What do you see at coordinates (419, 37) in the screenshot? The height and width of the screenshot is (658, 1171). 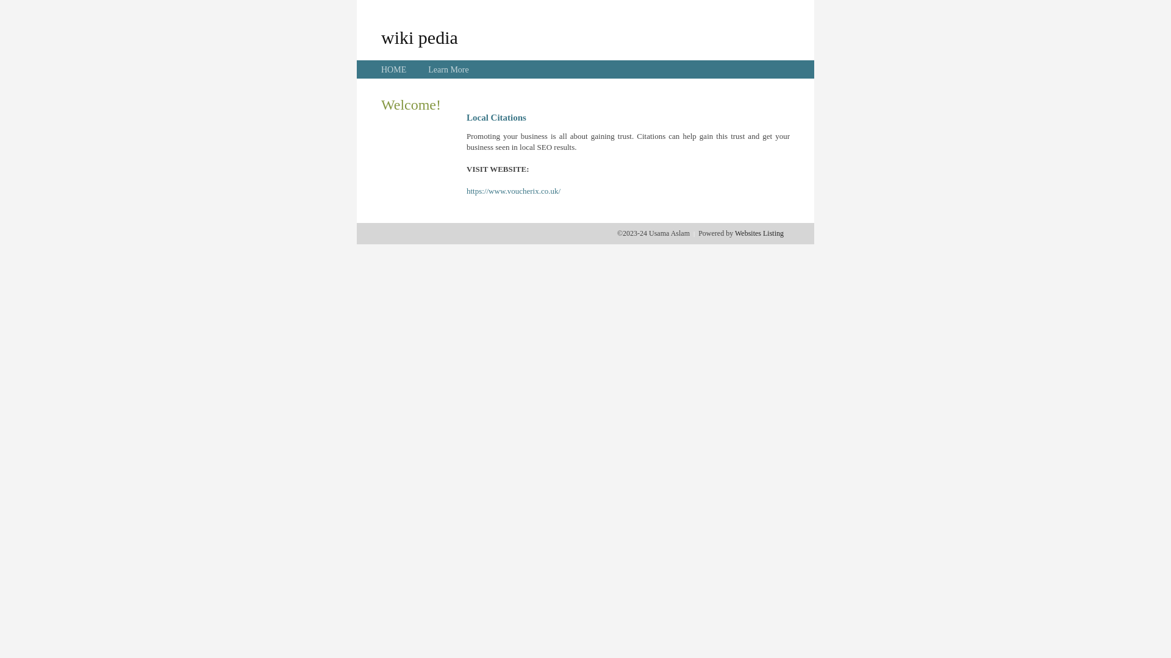 I see `'wiki pedia'` at bounding box center [419, 37].